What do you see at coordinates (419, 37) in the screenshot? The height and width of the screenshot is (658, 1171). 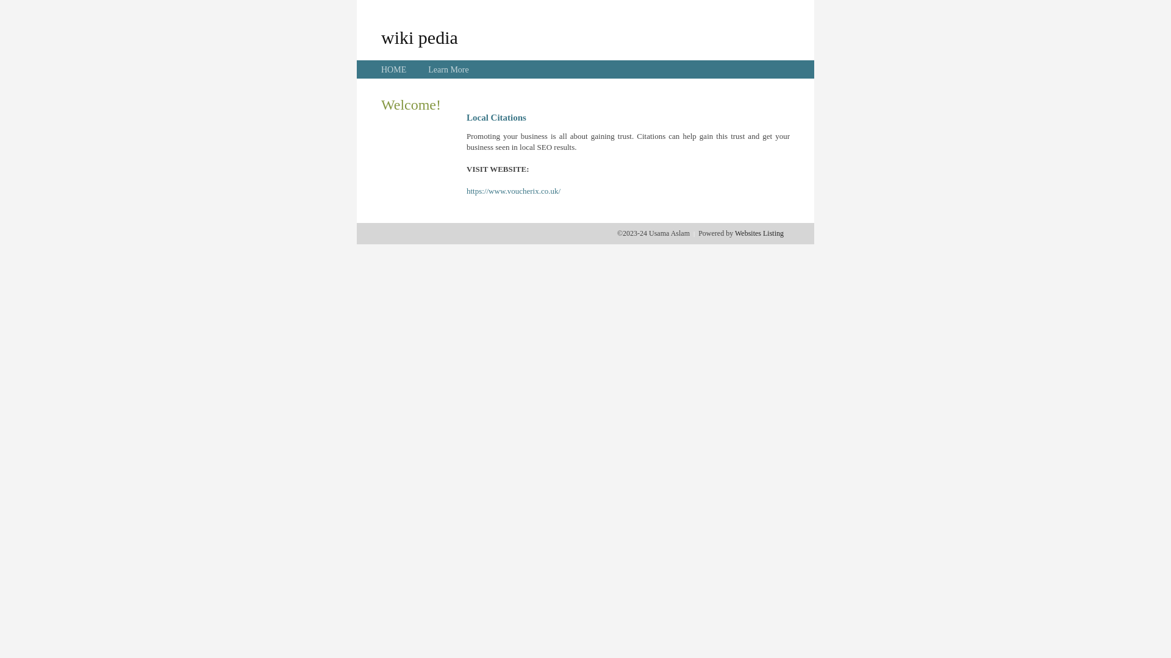 I see `'wiki pedia'` at bounding box center [419, 37].